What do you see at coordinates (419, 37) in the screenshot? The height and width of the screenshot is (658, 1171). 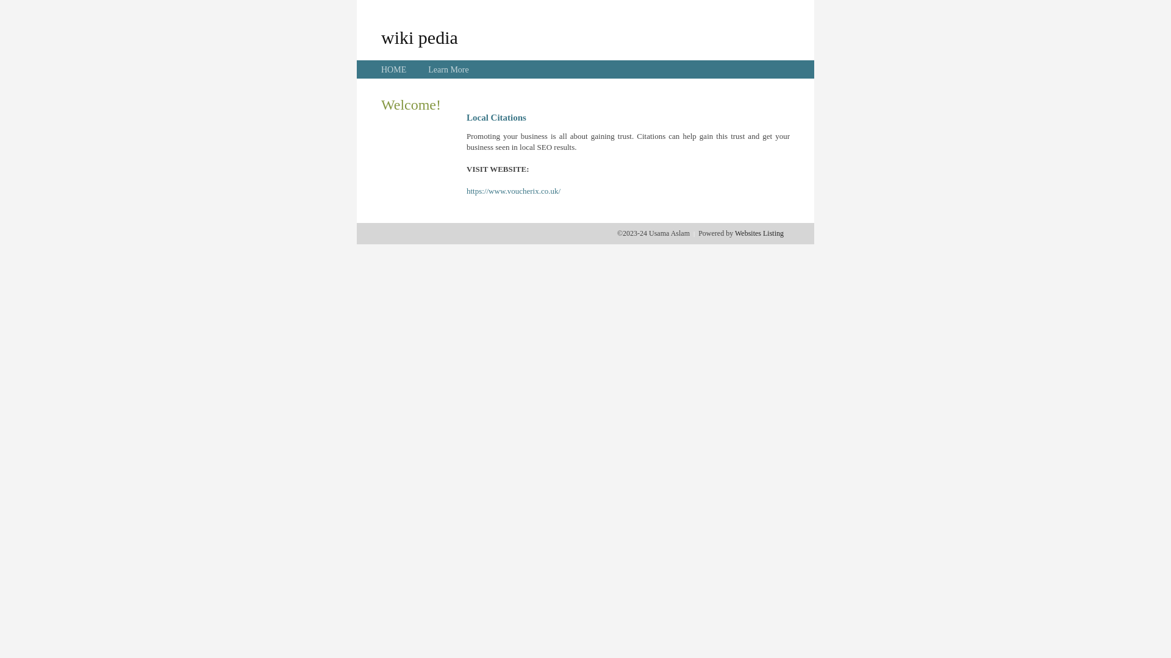 I see `'wiki pedia'` at bounding box center [419, 37].